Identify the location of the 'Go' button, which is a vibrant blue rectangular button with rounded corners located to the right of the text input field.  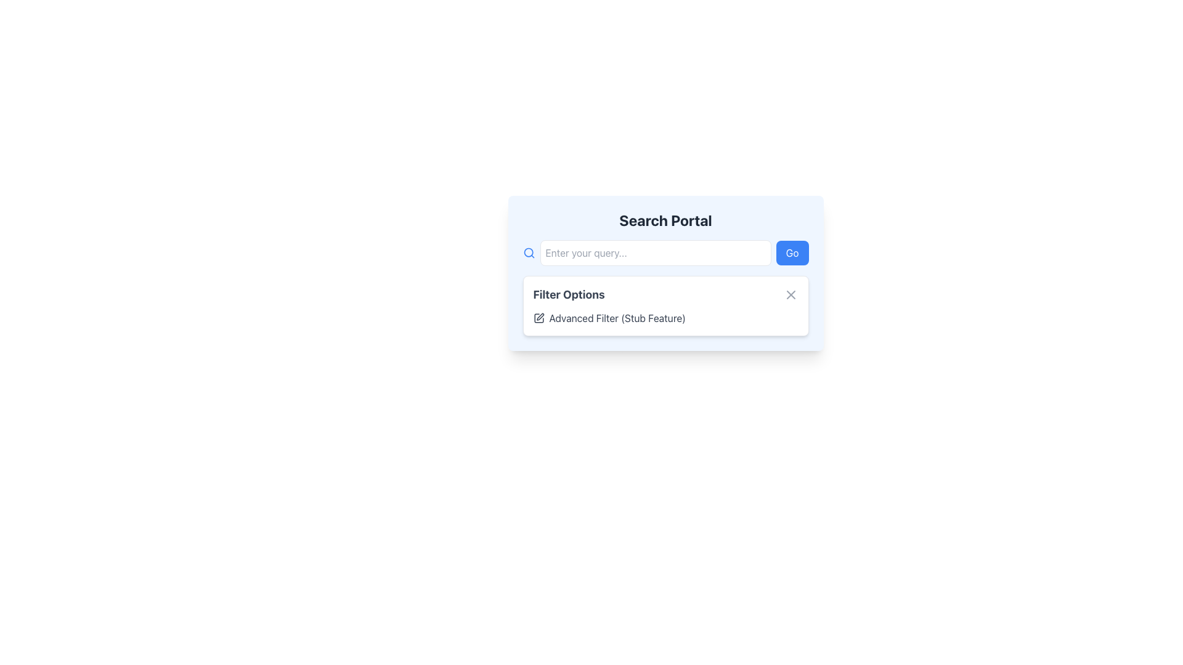
(792, 252).